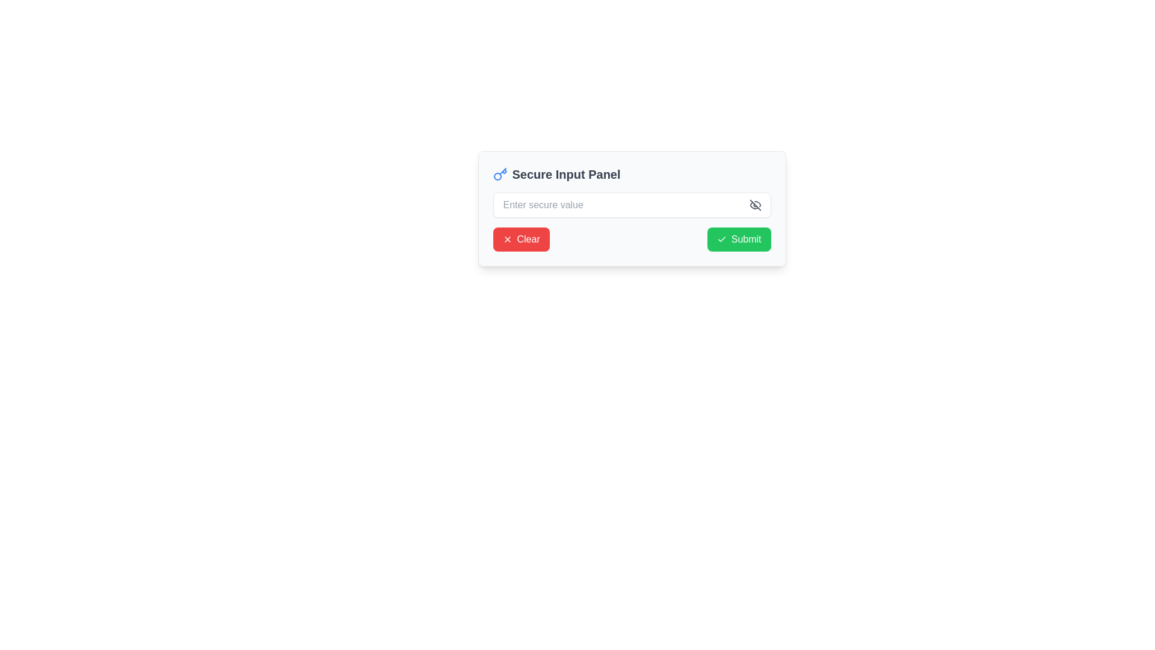 The width and height of the screenshot is (1155, 650). Describe the element at coordinates (521, 239) in the screenshot. I see `the 'Clear' button with a red background and white rounded edges to observe hover effects` at that location.